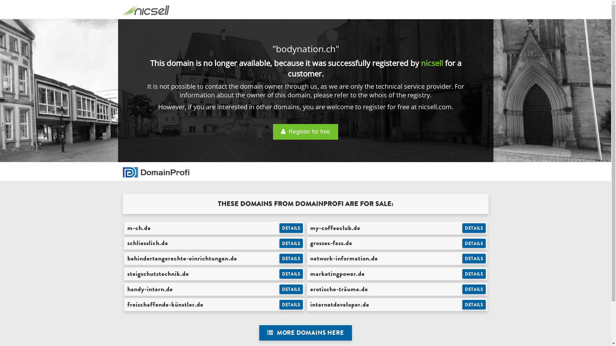 The width and height of the screenshot is (616, 346). I want to click on 'DETAILS', so click(291, 243).